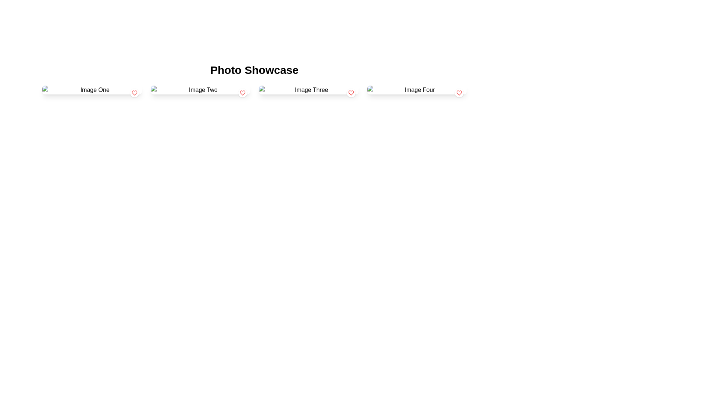 The height and width of the screenshot is (397, 706). I want to click on the heart button in the top-right corner of the 'Image Two' component to favorite or like the image, so click(243, 93).